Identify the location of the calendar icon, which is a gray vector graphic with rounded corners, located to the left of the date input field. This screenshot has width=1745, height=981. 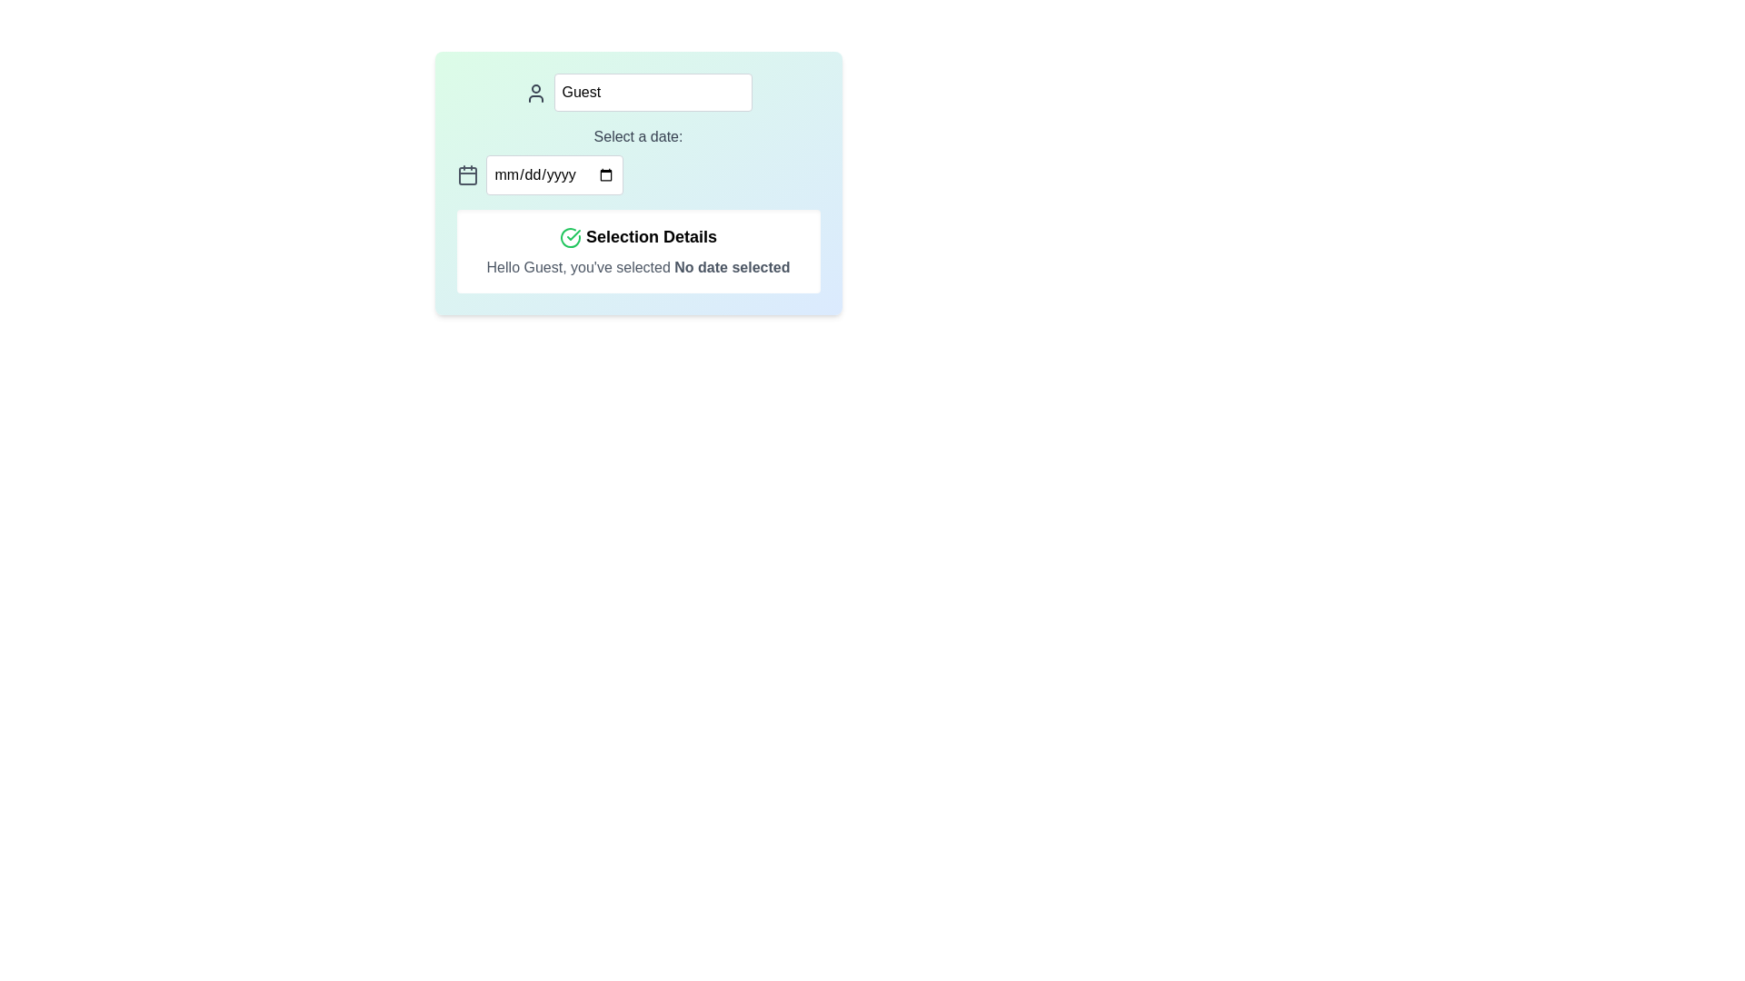
(467, 174).